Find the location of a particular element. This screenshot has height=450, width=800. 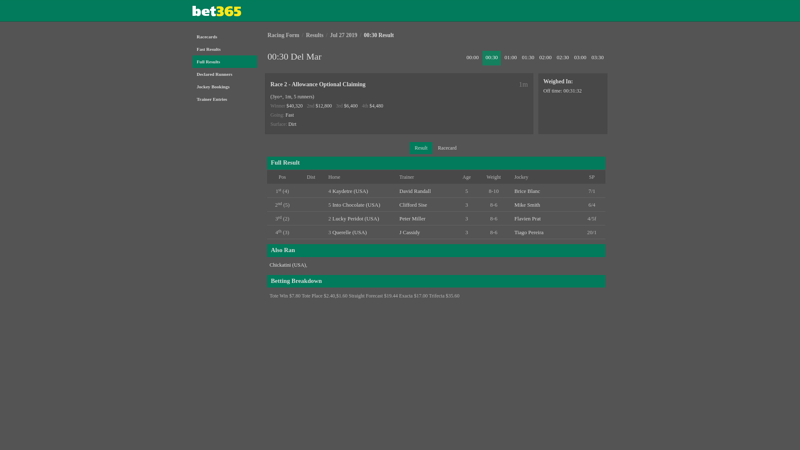

'Jockey Bookings' is located at coordinates (192, 87).